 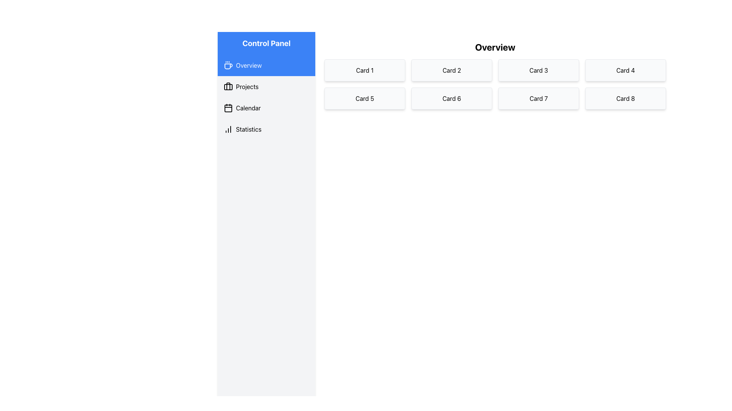 I want to click on the button-like navigation item located in the vertical navigation bar on the left side, positioned below the 'Projects' menu item and above the 'Statistics' menu item, so click(x=266, y=108).